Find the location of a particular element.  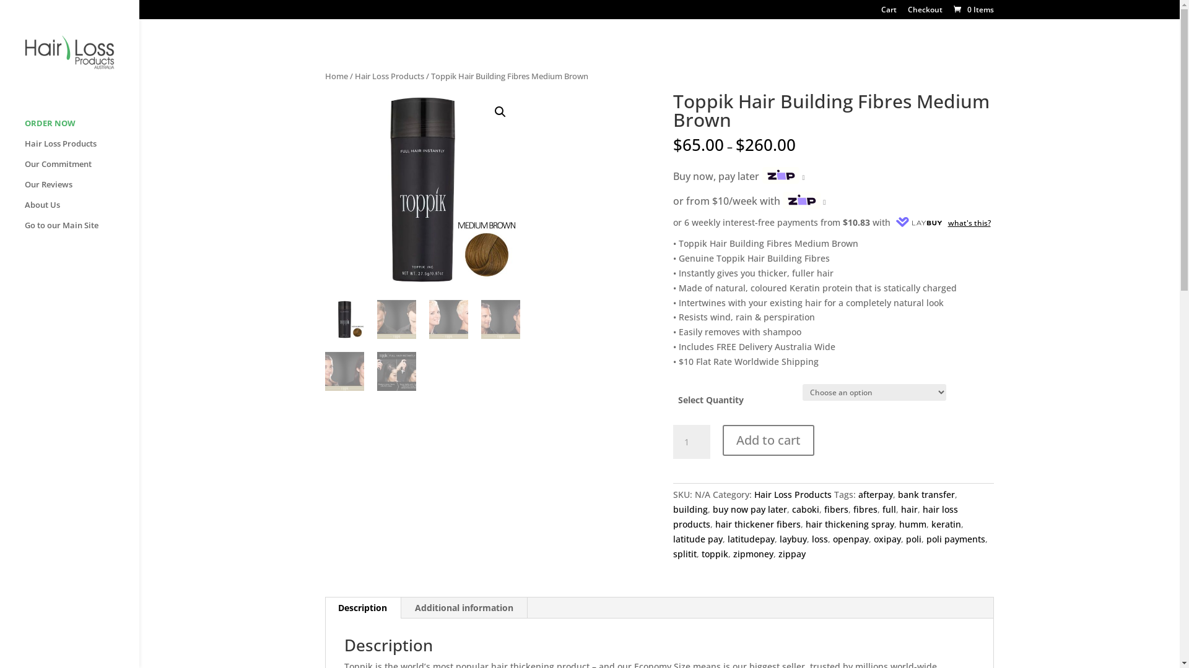

'Add to cart' is located at coordinates (768, 440).